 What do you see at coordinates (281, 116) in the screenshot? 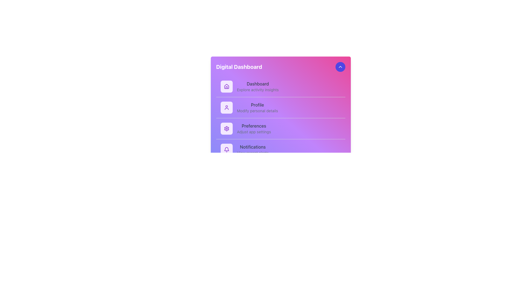
I see `the 'Digital Dashboard' panel with a gradient background` at bounding box center [281, 116].